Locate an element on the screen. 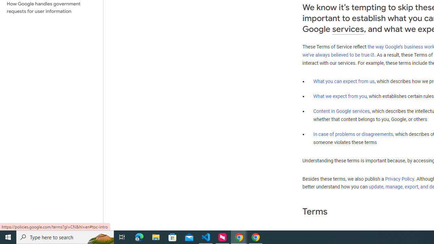  'In case of problems or disagreements' is located at coordinates (353, 134).